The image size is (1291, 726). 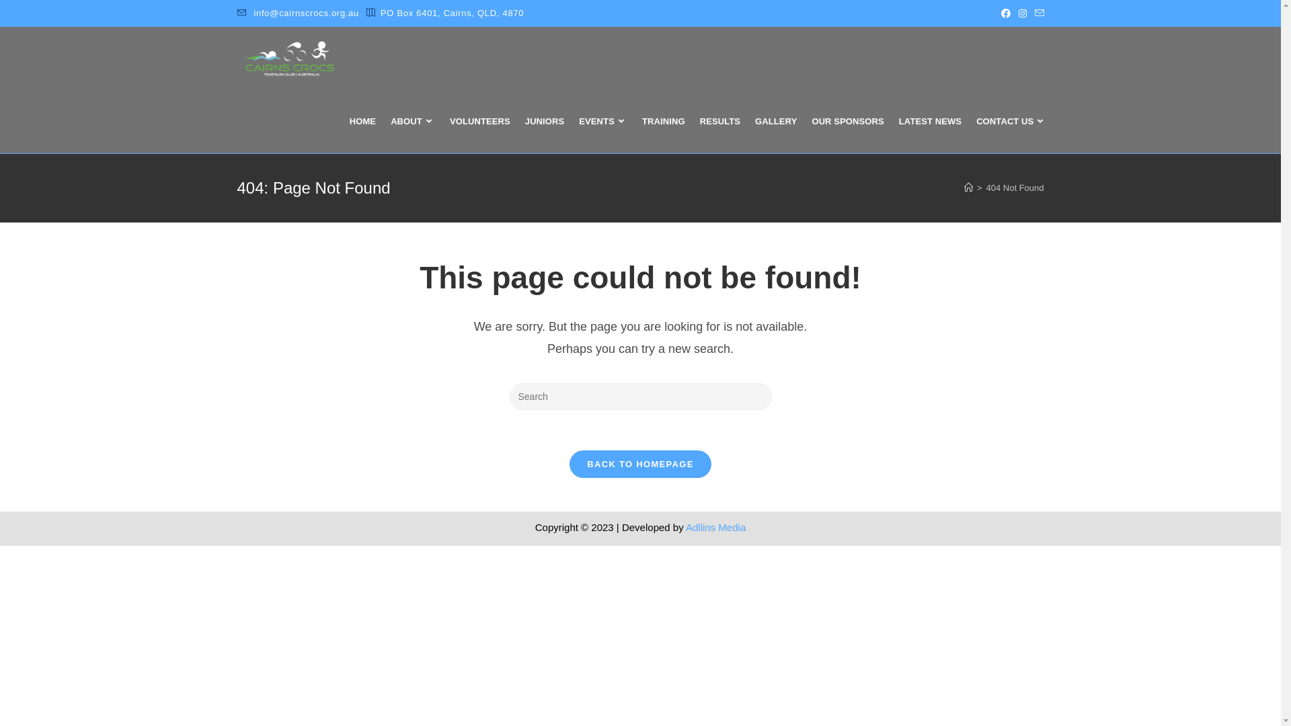 What do you see at coordinates (342, 122) in the screenshot?
I see `'HOME'` at bounding box center [342, 122].